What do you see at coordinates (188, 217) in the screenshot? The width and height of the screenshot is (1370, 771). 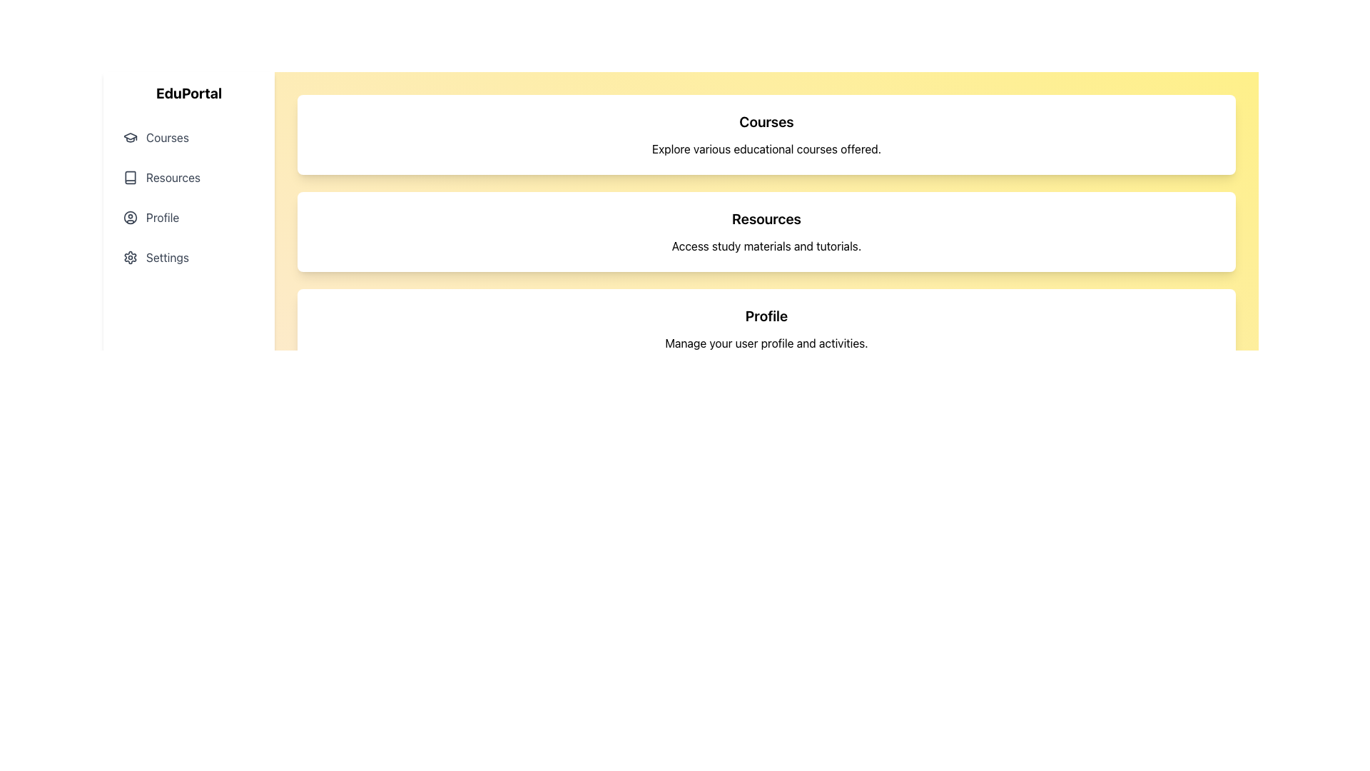 I see `the 'Profile' menu item in the vertical navigation panel` at bounding box center [188, 217].